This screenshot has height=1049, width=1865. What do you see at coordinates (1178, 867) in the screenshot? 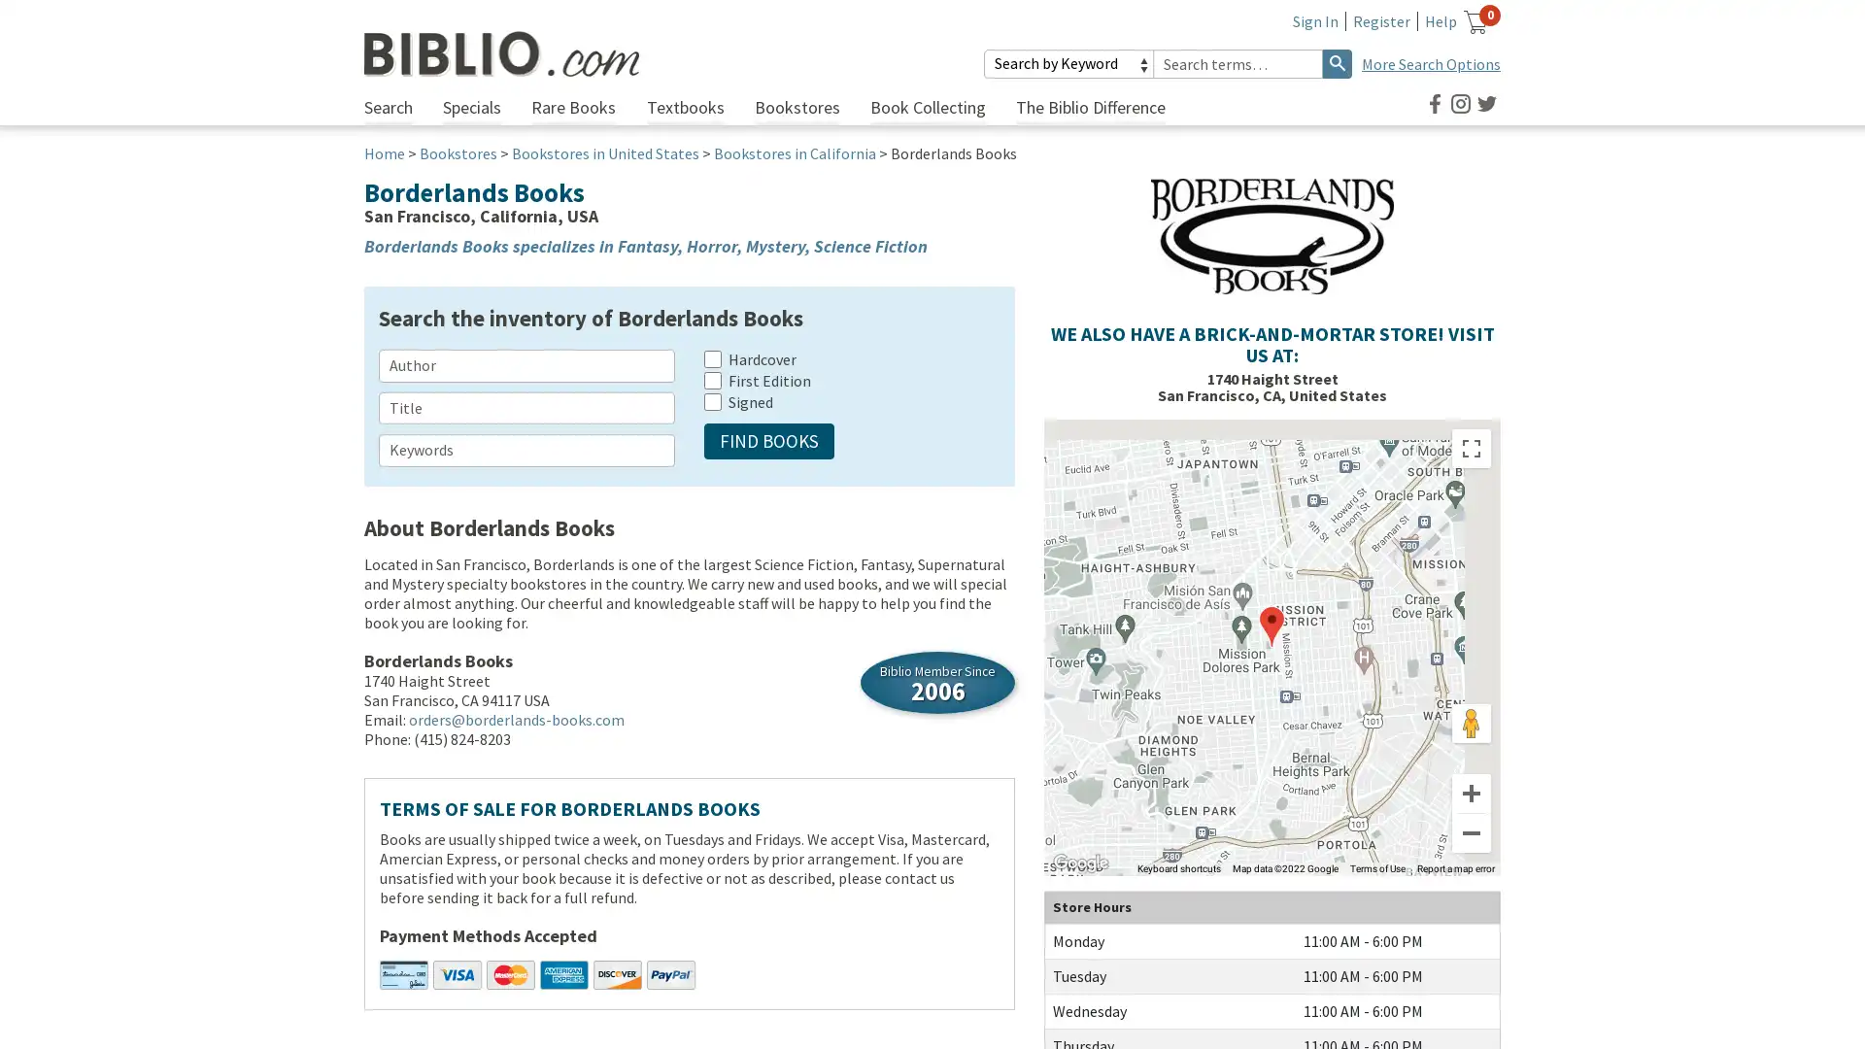
I see `Keyboard shortcuts` at bounding box center [1178, 867].